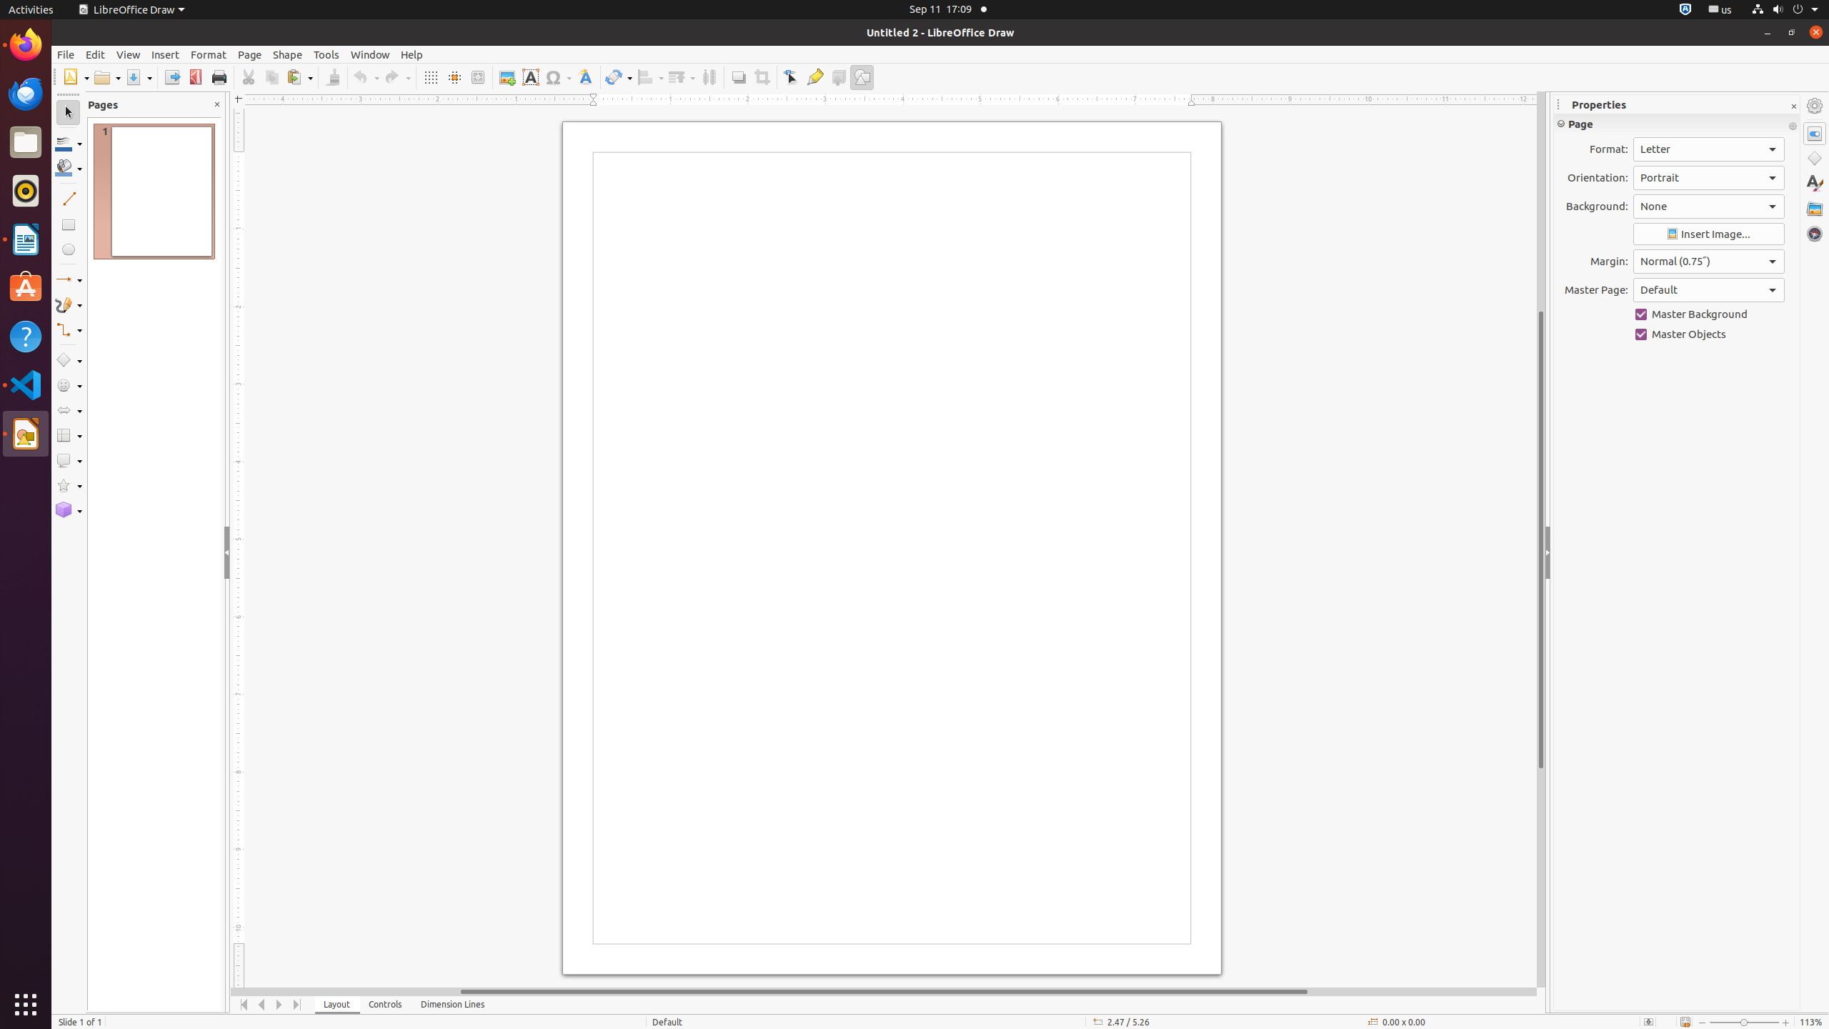  Describe the element at coordinates (171, 76) in the screenshot. I see `'Export'` at that location.